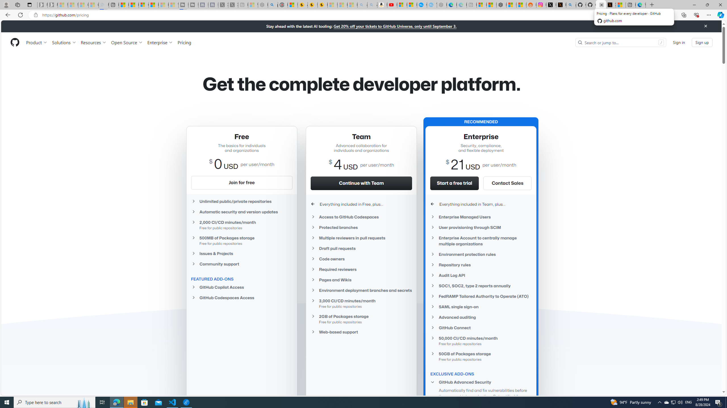  Describe the element at coordinates (64, 42) in the screenshot. I see `'Solutions'` at that location.